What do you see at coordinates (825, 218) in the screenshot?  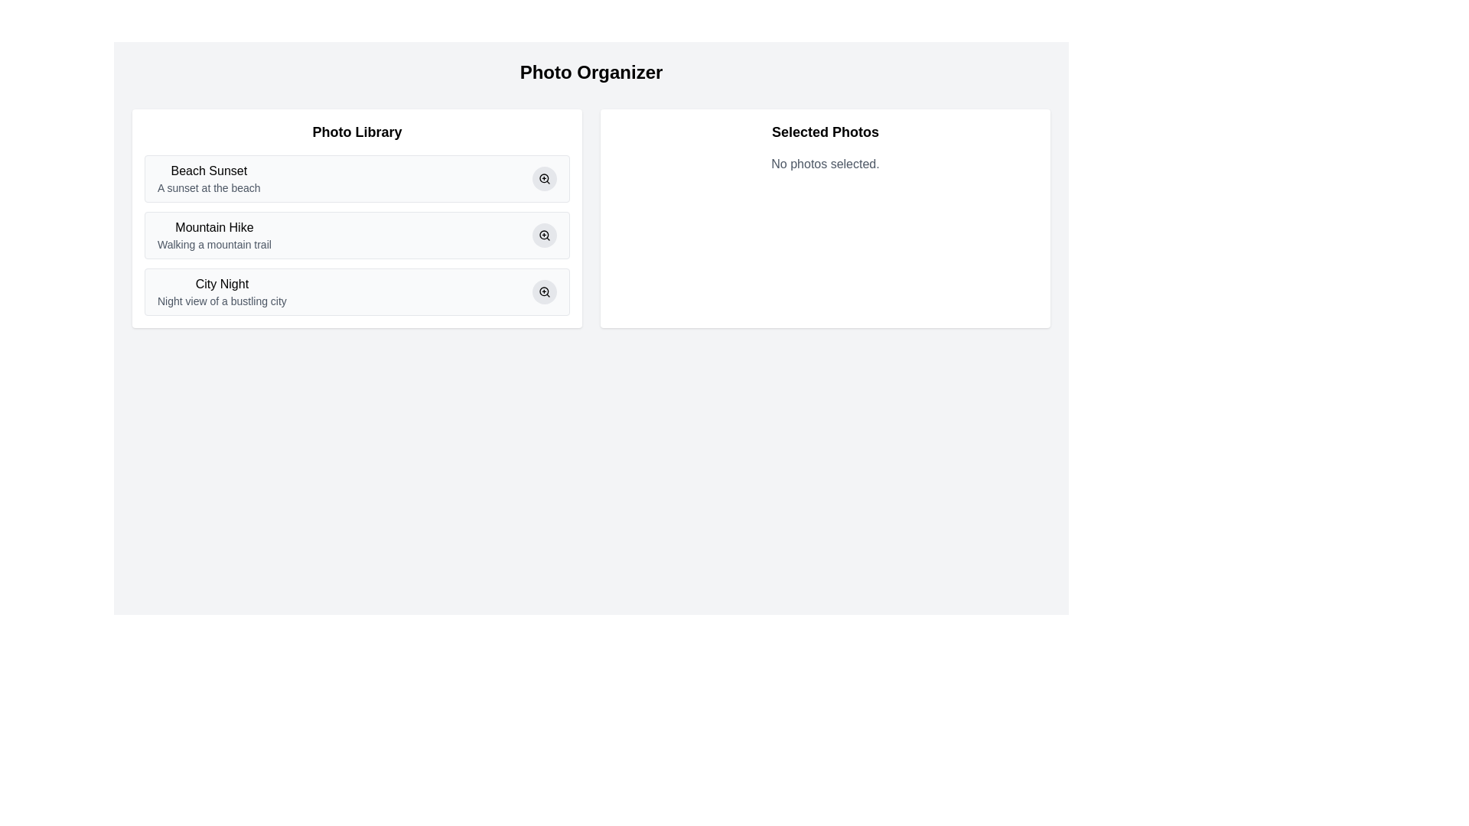 I see `the informational panel that displays the user's currently selected photos, which currently indicates that no photos have been selected` at bounding box center [825, 218].